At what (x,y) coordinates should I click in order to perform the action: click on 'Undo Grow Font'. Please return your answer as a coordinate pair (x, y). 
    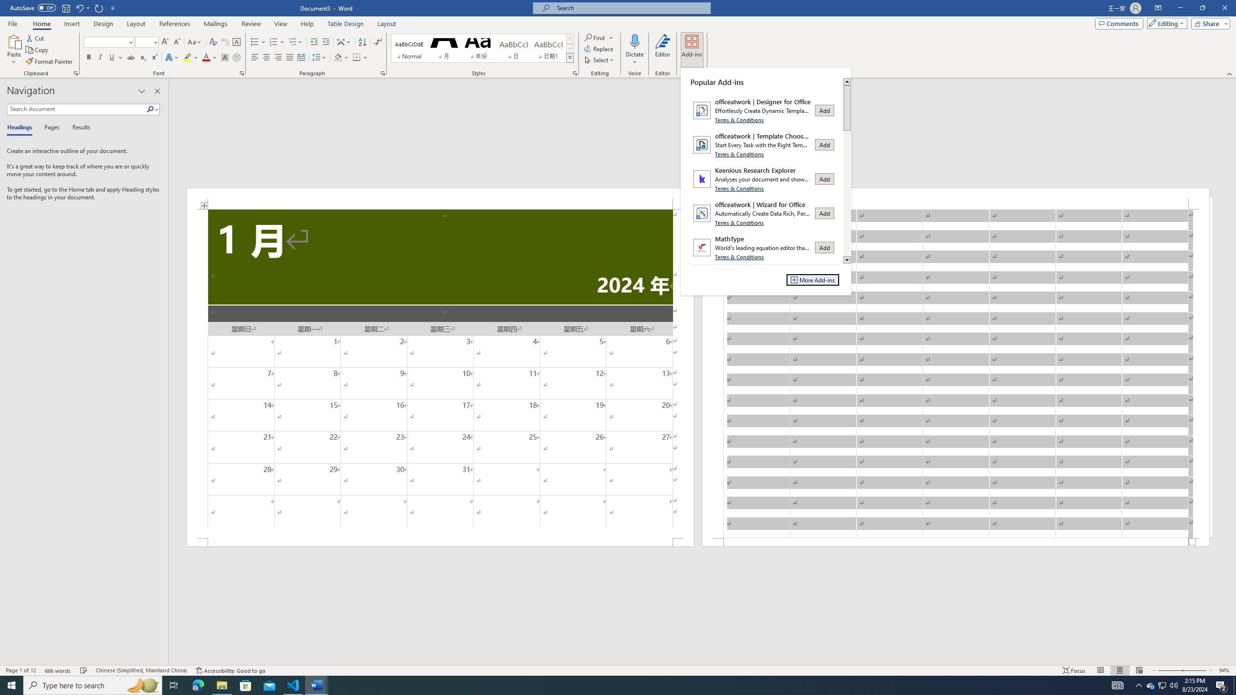
    Looking at the image, I should click on (79, 7).